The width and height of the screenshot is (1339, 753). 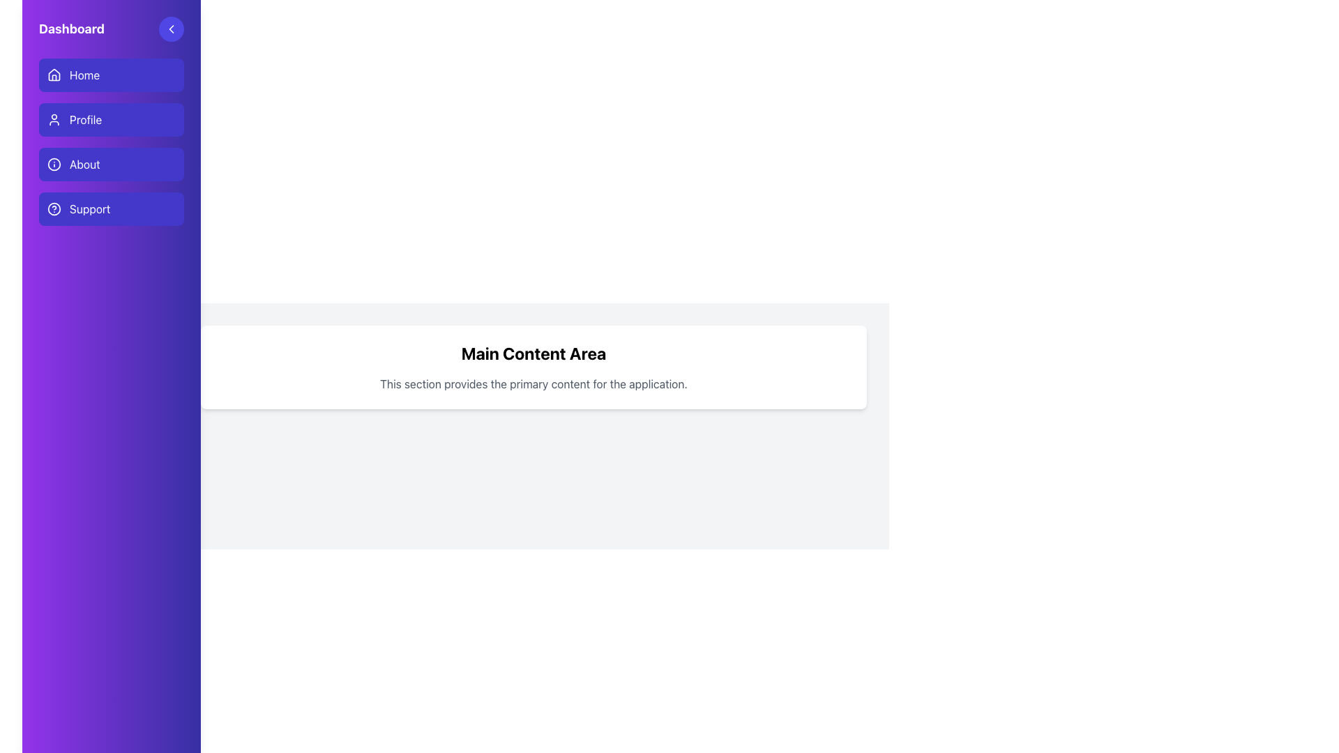 I want to click on text from the Text Header located at the top of the content section in the application, so click(x=533, y=352).